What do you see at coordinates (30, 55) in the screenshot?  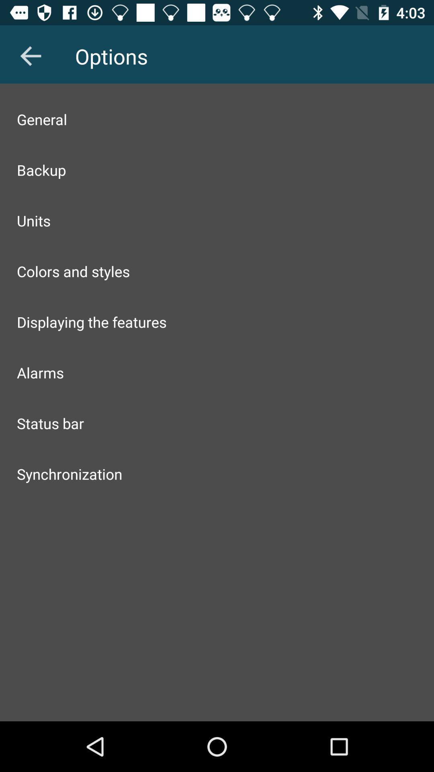 I see `icon to the left of options icon` at bounding box center [30, 55].